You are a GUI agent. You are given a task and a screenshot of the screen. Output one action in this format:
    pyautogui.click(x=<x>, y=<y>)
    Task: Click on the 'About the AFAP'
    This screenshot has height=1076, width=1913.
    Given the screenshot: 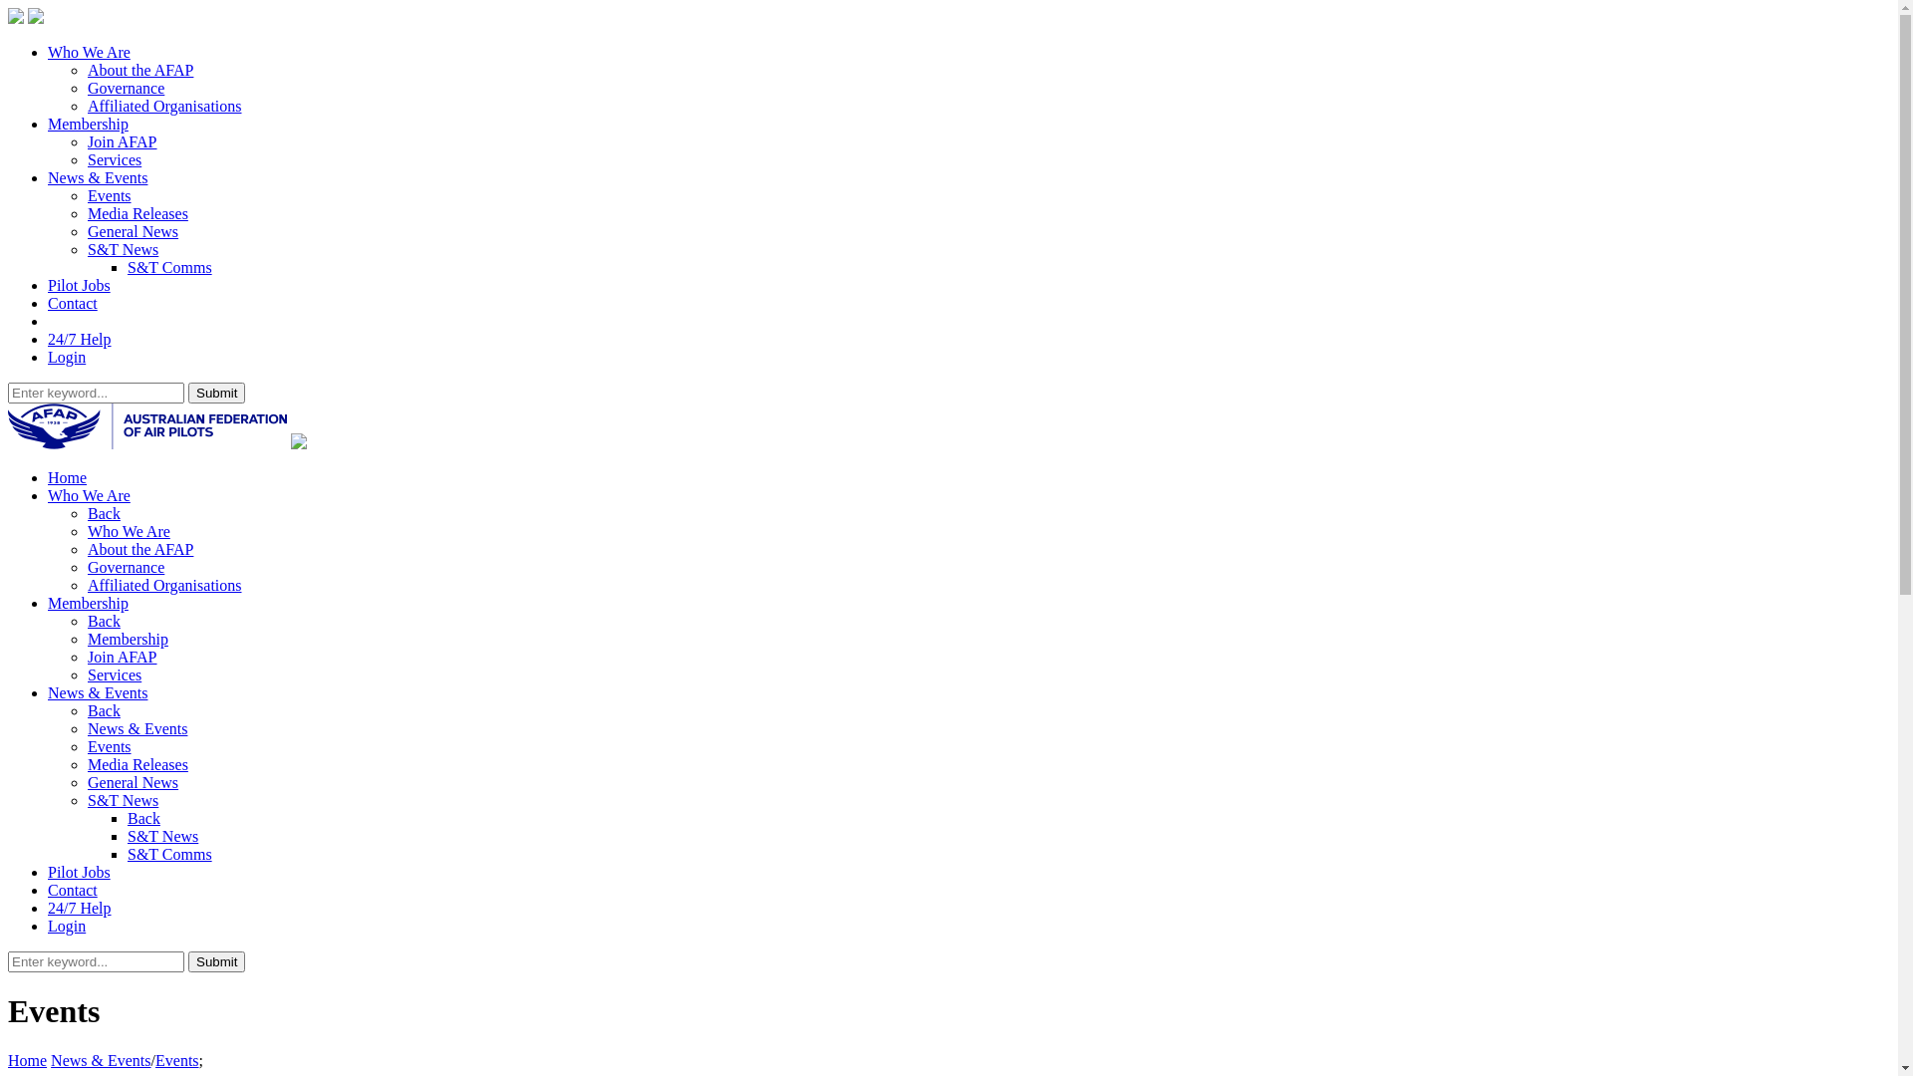 What is the action you would take?
    pyautogui.click(x=138, y=69)
    